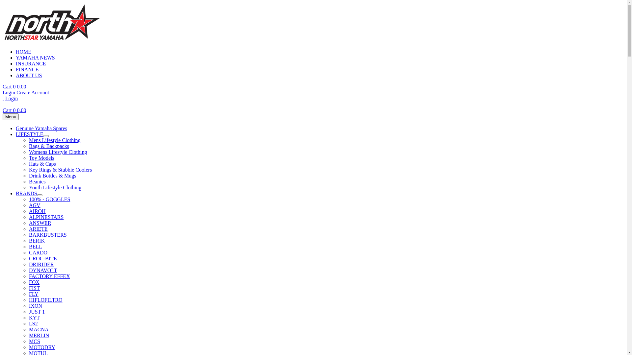  Describe the element at coordinates (16, 128) in the screenshot. I see `'Genuine Yamaha Spares'` at that location.